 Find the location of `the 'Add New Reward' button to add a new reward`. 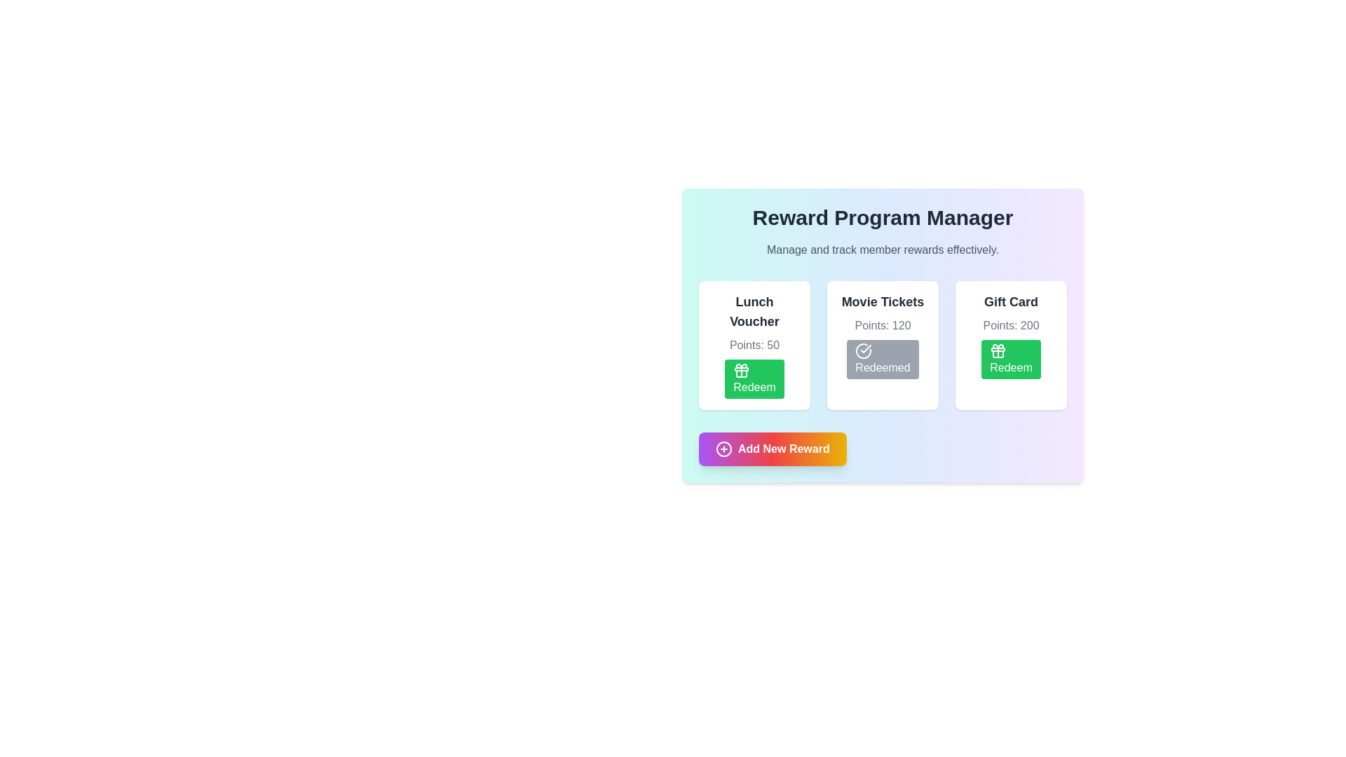

the 'Add New Reward' button to add a new reward is located at coordinates (772, 449).